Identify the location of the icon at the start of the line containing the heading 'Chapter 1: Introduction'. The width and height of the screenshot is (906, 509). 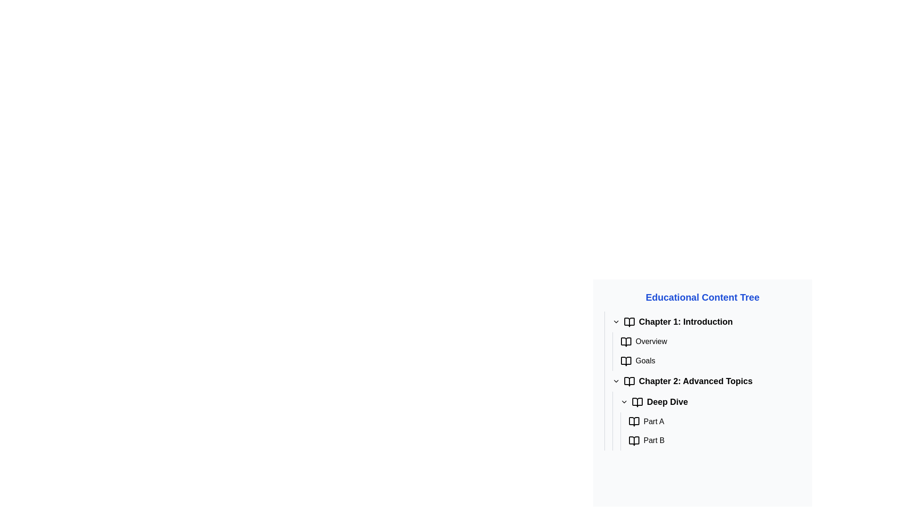
(629, 321).